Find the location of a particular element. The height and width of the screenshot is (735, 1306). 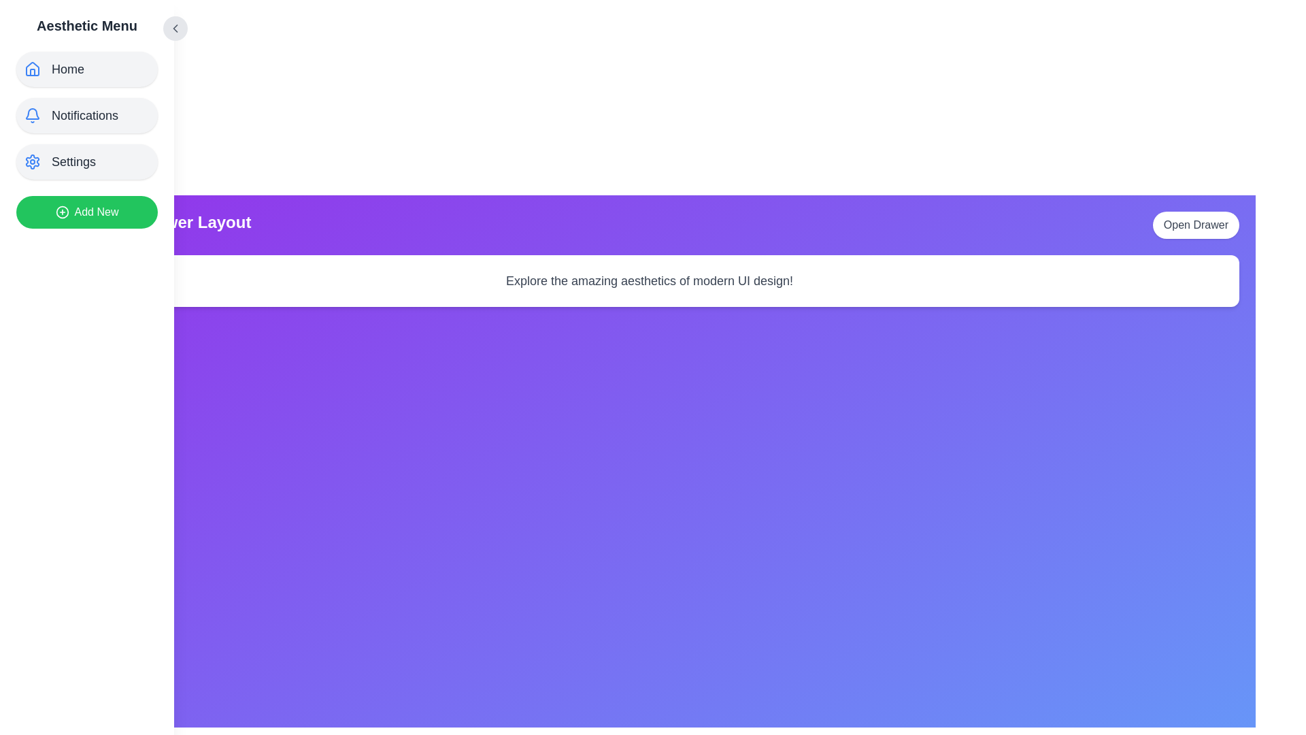

the notifications icon located to the left of the 'Notifications' text in the second button of the vertical sidebar menu is located at coordinates (33, 114).